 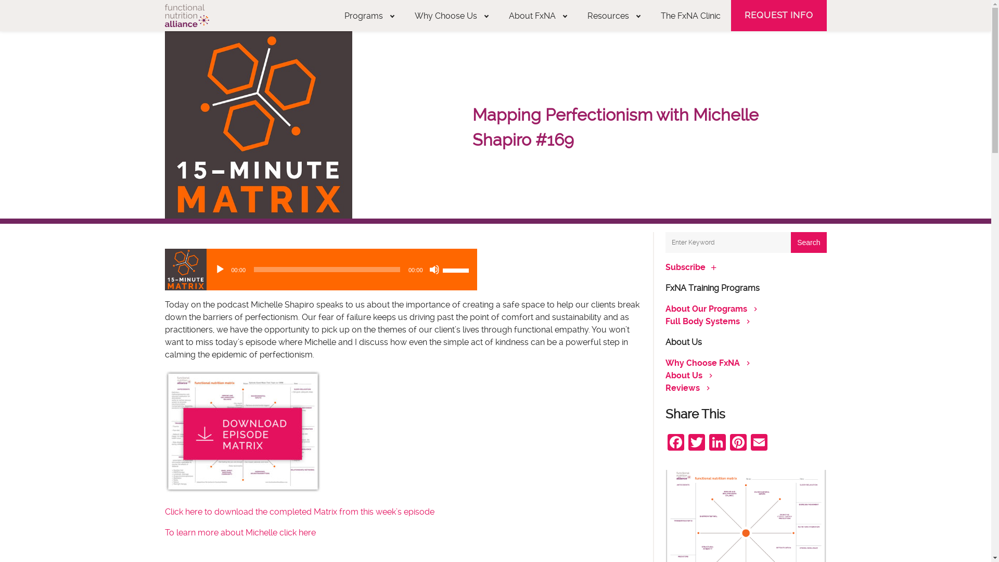 What do you see at coordinates (457, 269) in the screenshot?
I see `'Use Up/Down Arrow keys to increase or decrease volume.'` at bounding box center [457, 269].